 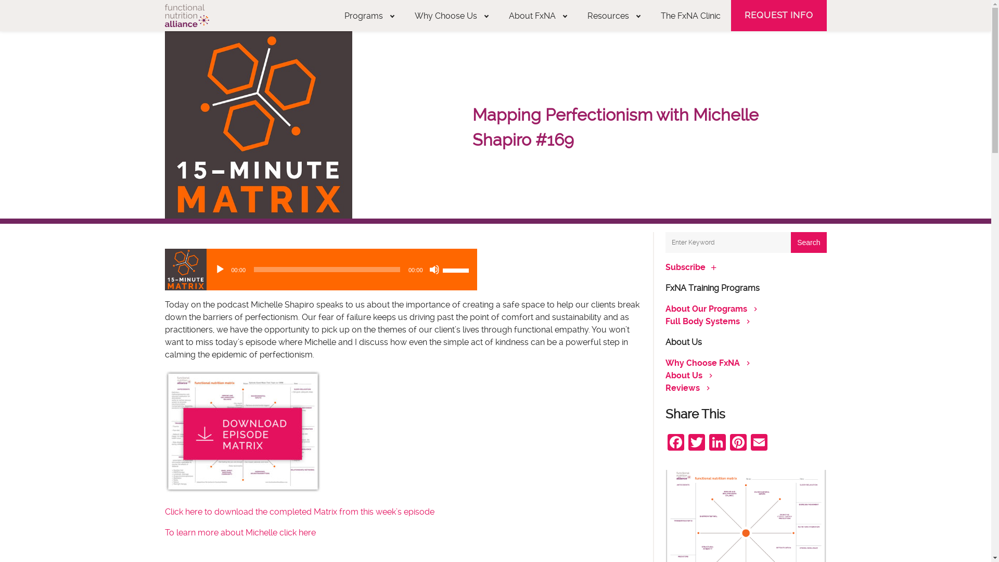 What do you see at coordinates (457, 269) in the screenshot?
I see `'Use Up/Down Arrow keys to increase or decrease volume.'` at bounding box center [457, 269].